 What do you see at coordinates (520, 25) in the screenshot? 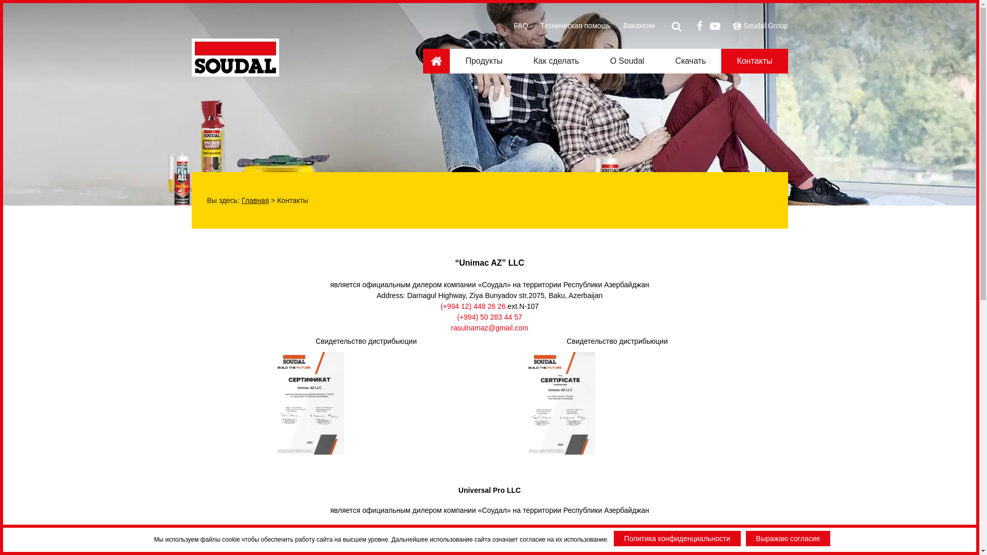
I see `'FAQ'` at bounding box center [520, 25].